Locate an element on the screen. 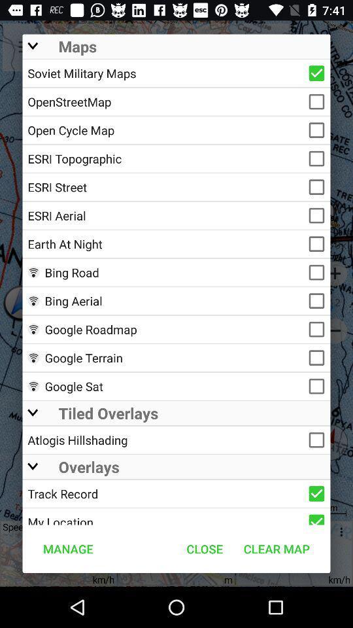  the item below the my location is located at coordinates (205, 549).